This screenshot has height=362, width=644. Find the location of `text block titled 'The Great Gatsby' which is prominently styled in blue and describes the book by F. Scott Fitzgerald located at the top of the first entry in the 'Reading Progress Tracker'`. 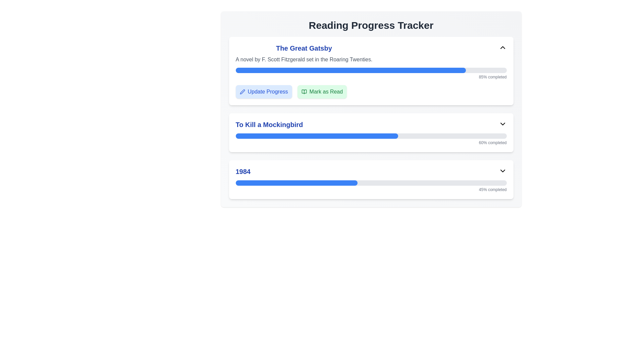

text block titled 'The Great Gatsby' which is prominently styled in blue and describes the book by F. Scott Fitzgerald located at the top of the first entry in the 'Reading Progress Tracker' is located at coordinates (304, 53).